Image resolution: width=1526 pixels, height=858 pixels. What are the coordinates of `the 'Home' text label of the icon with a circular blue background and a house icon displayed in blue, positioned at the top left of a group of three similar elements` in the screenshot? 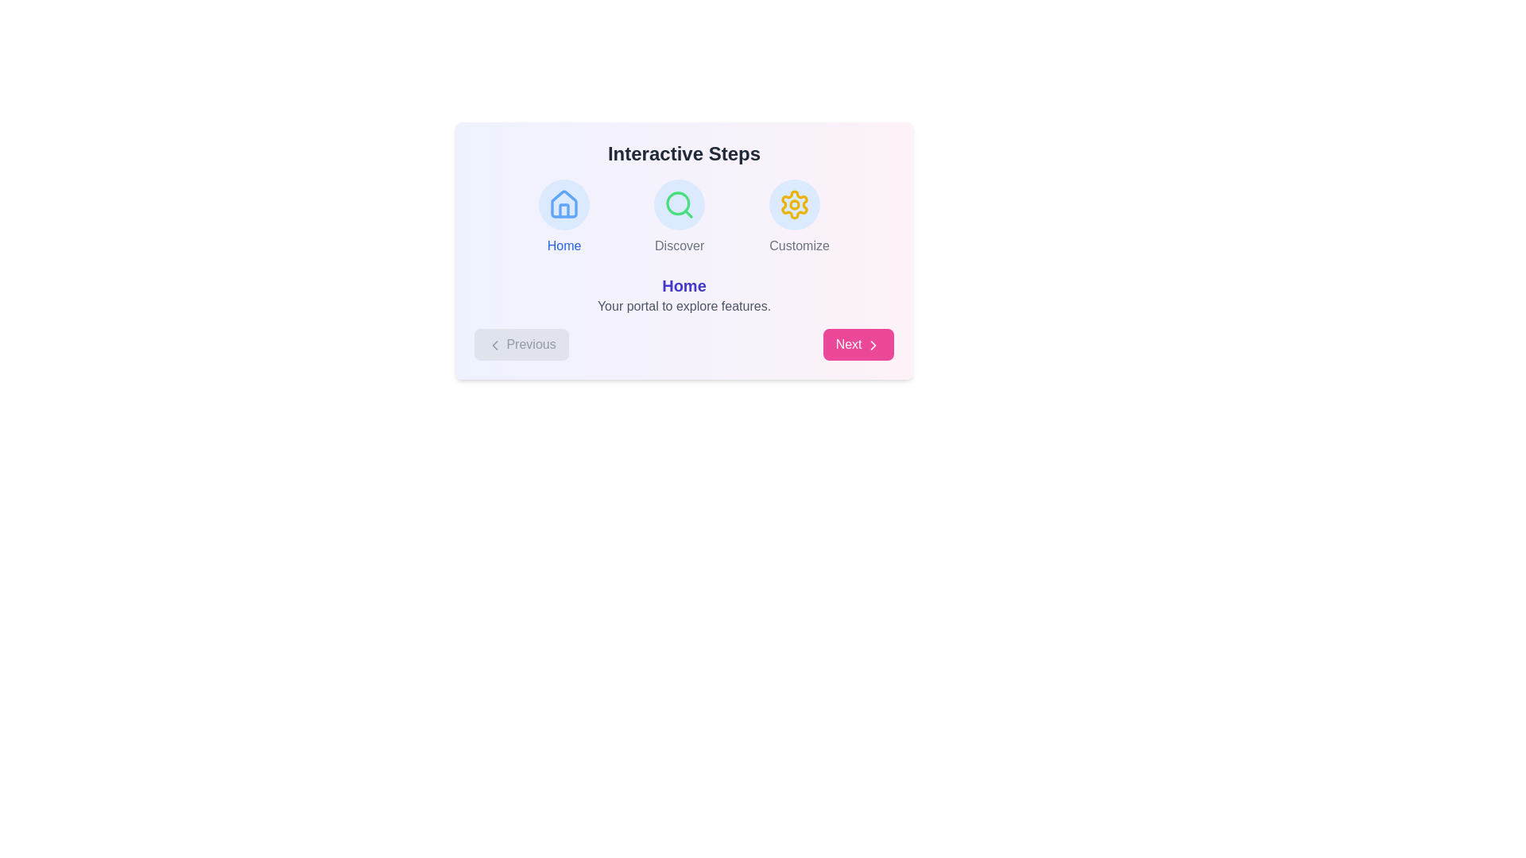 It's located at (564, 217).